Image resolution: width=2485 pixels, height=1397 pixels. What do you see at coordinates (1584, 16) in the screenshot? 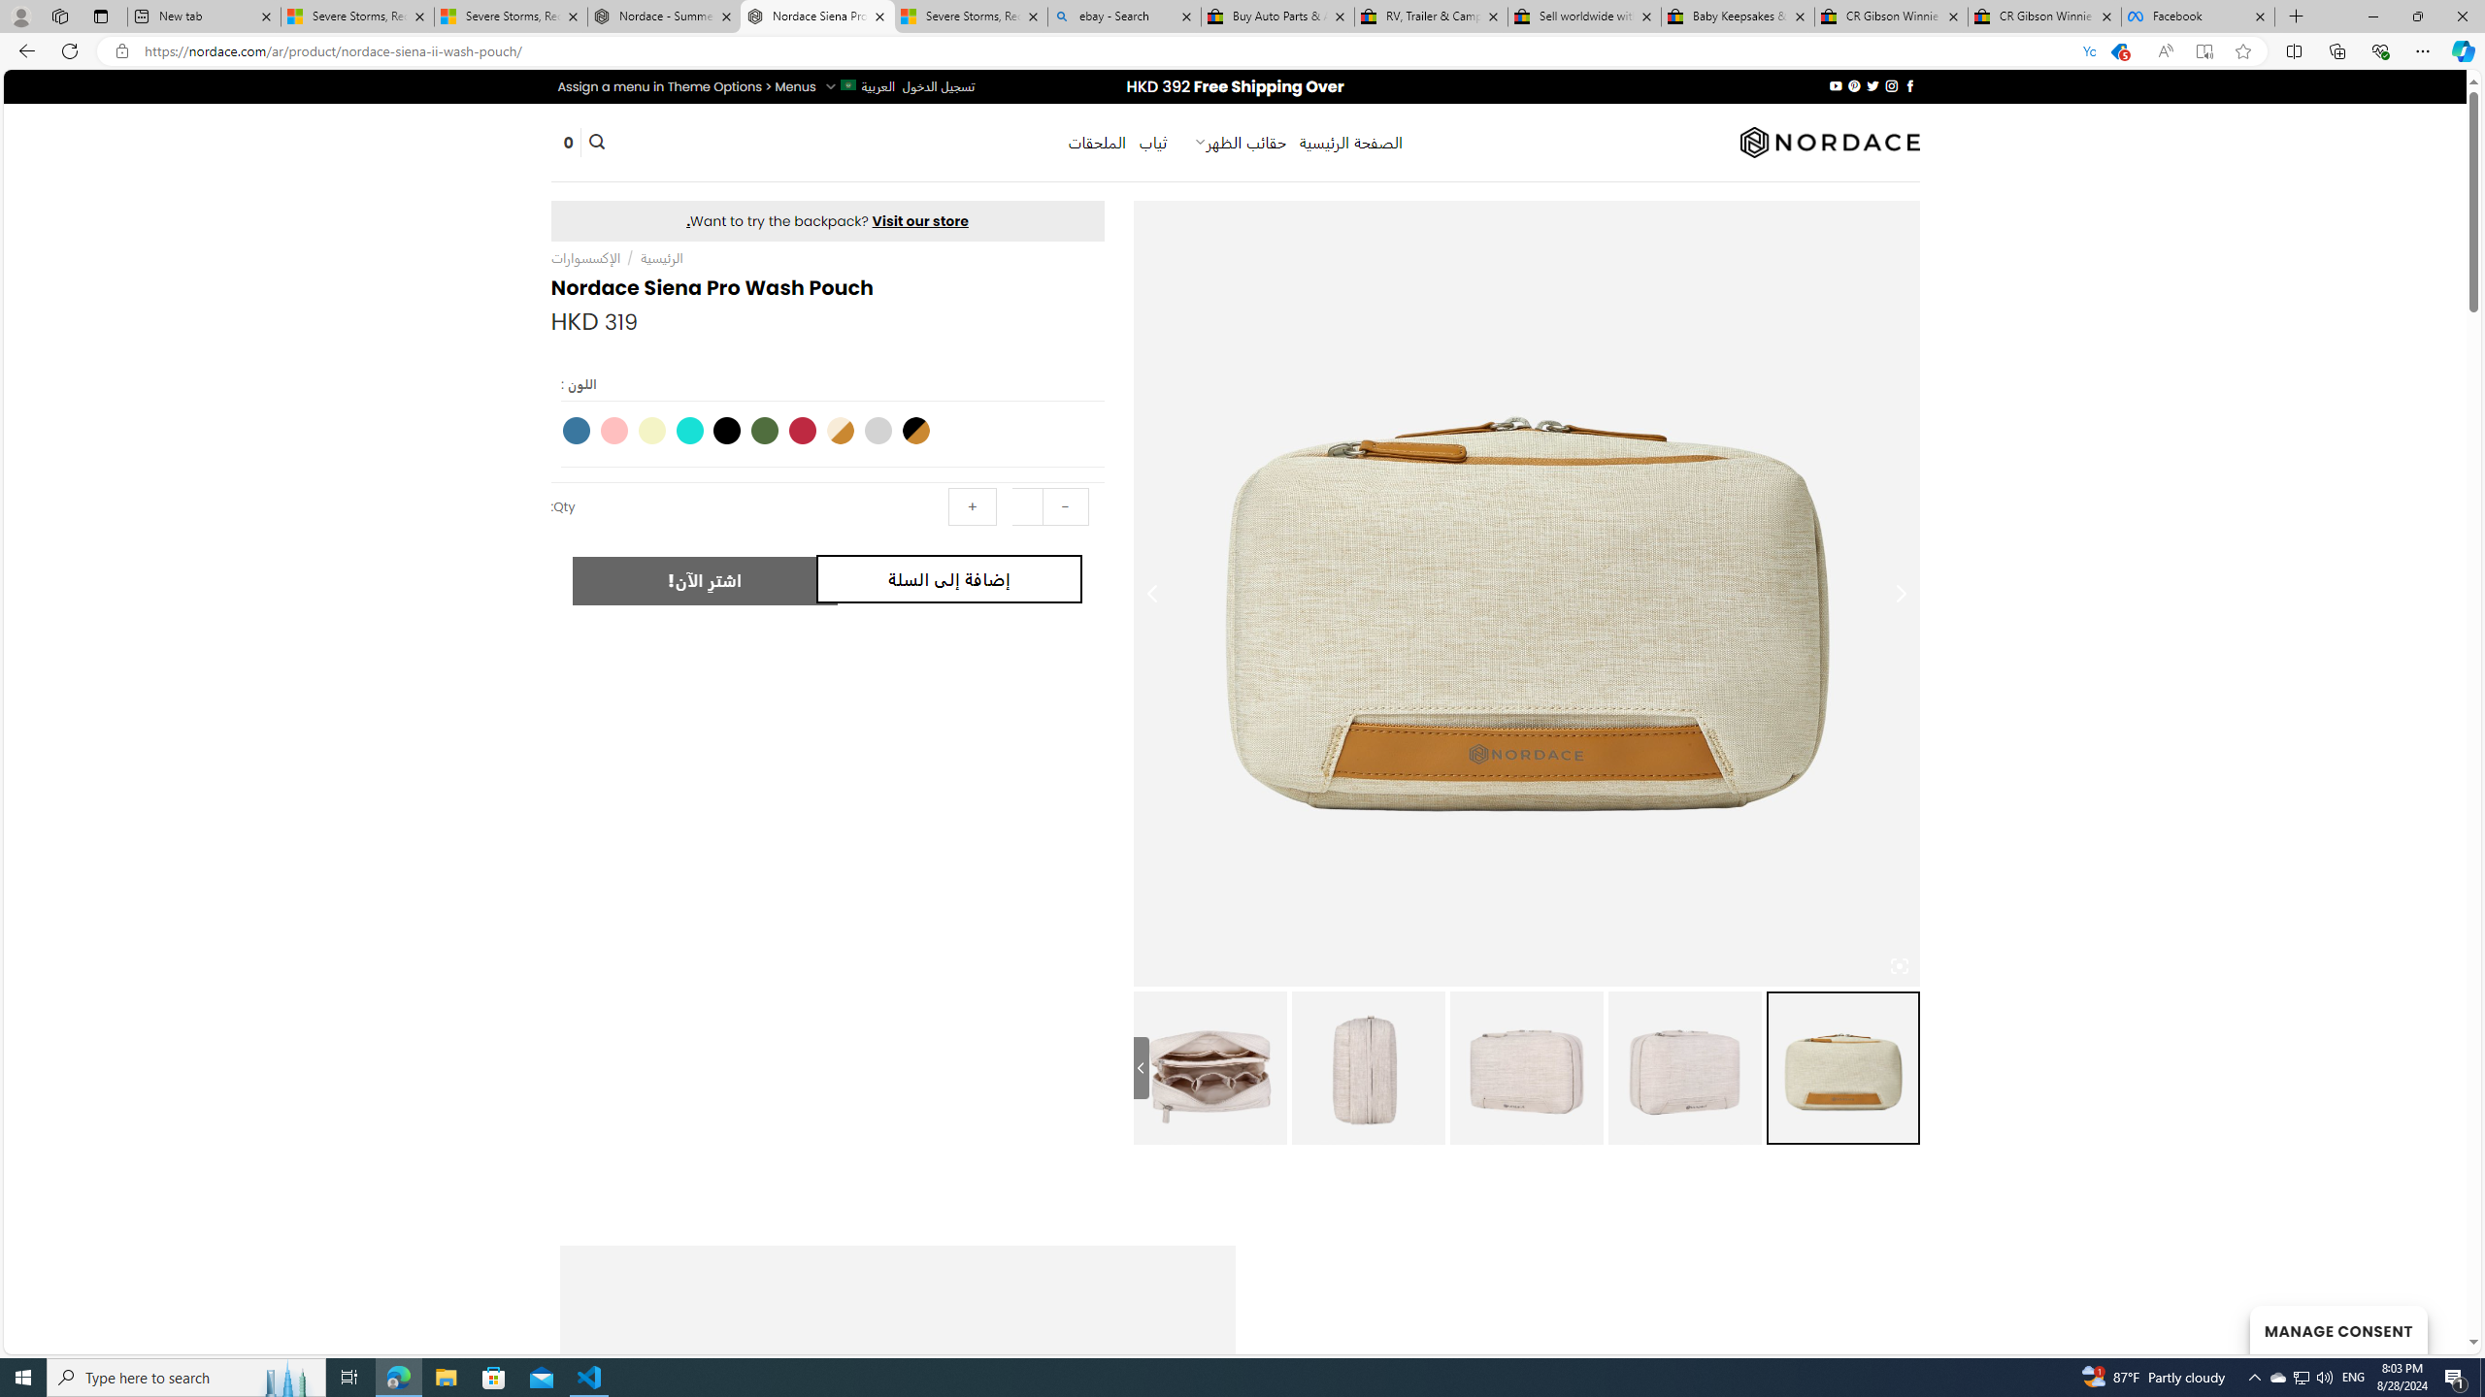
I see `'Sell worldwide with eBay'` at bounding box center [1584, 16].